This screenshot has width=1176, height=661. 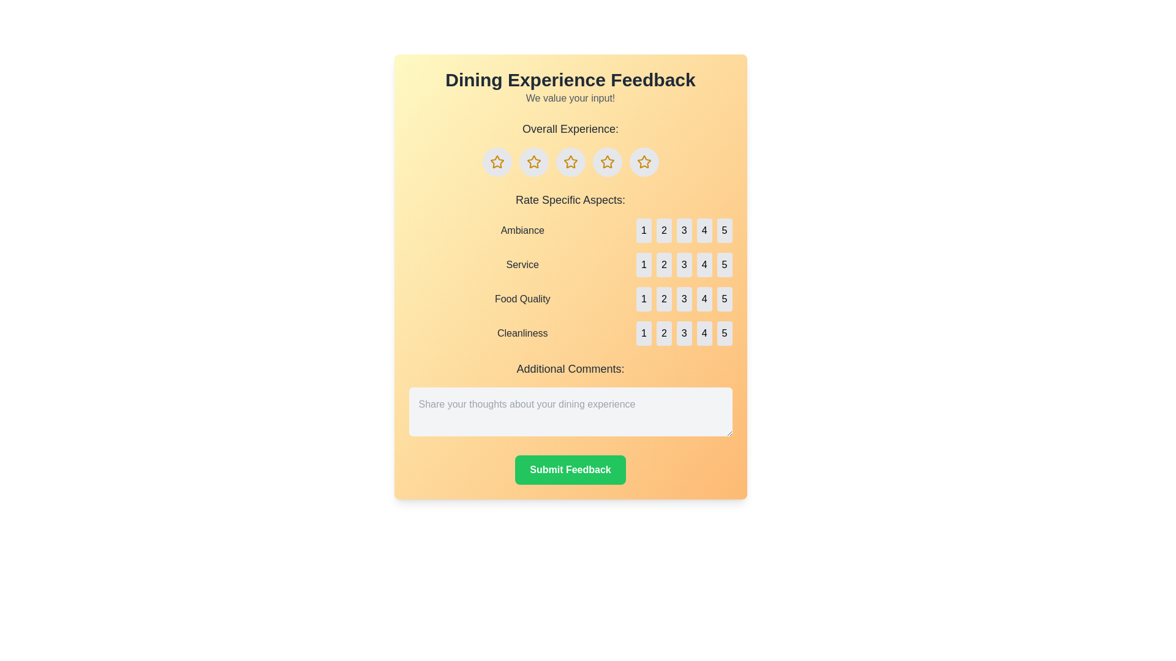 I want to click on the fifth button labeled '5' in the 'Ambiance' rating category, so click(x=725, y=231).